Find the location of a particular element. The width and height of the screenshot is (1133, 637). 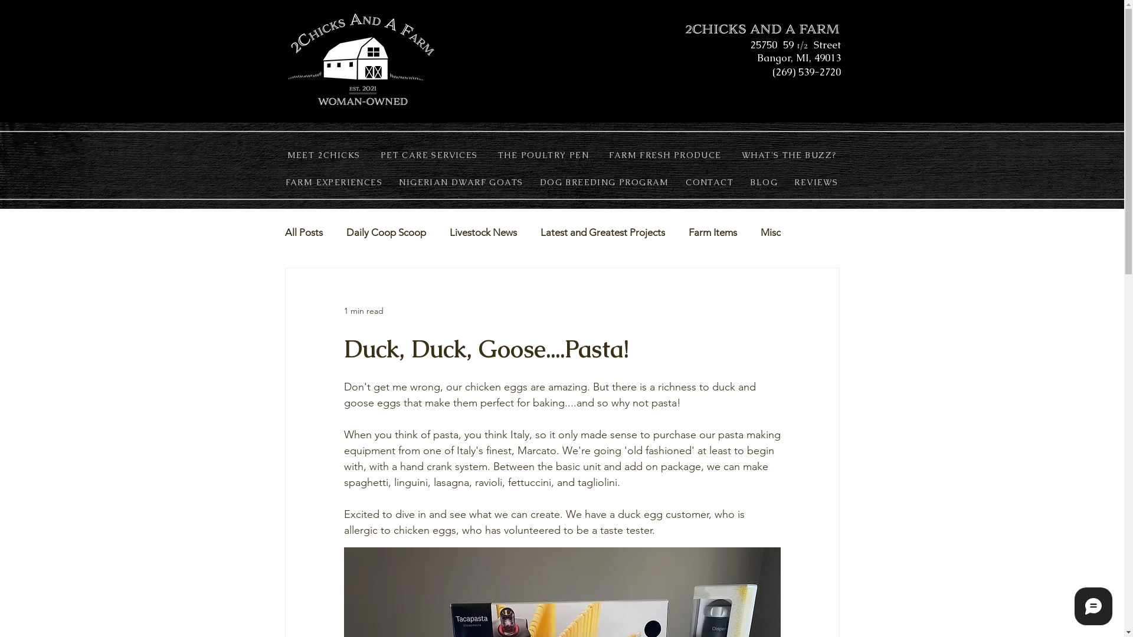

'All Posts' is located at coordinates (303, 232).